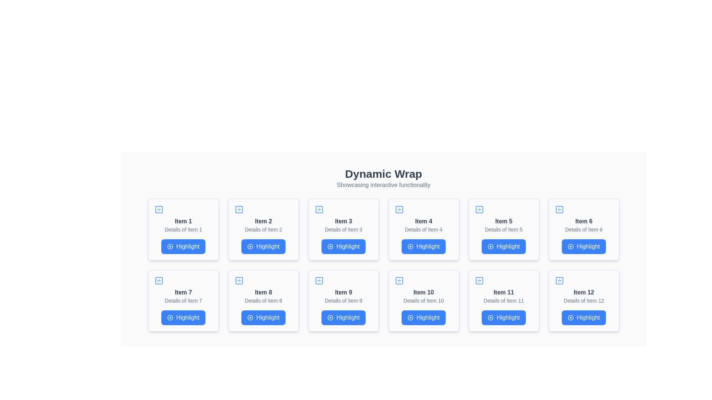 The width and height of the screenshot is (712, 400). What do you see at coordinates (491, 247) in the screenshot?
I see `the central circular component of the 'plus in a circle' icon above the text 'Item 5', which is part of the fifth card in a 4x3 grid` at bounding box center [491, 247].